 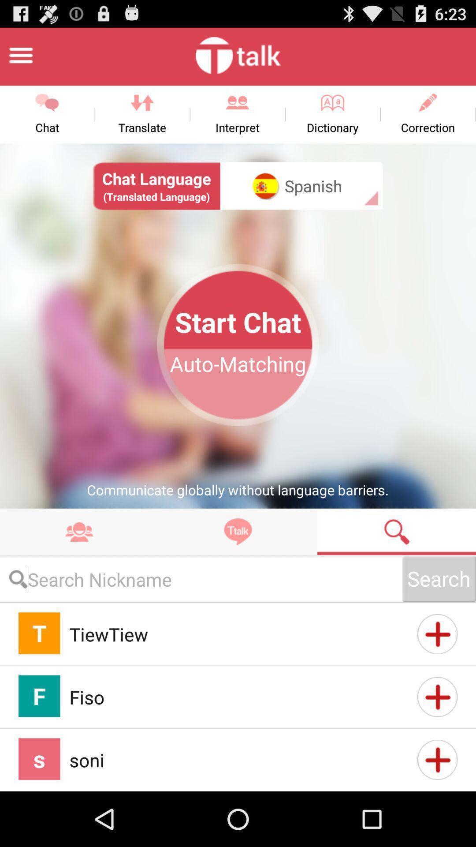 What do you see at coordinates (396, 531) in the screenshot?
I see `search` at bounding box center [396, 531].